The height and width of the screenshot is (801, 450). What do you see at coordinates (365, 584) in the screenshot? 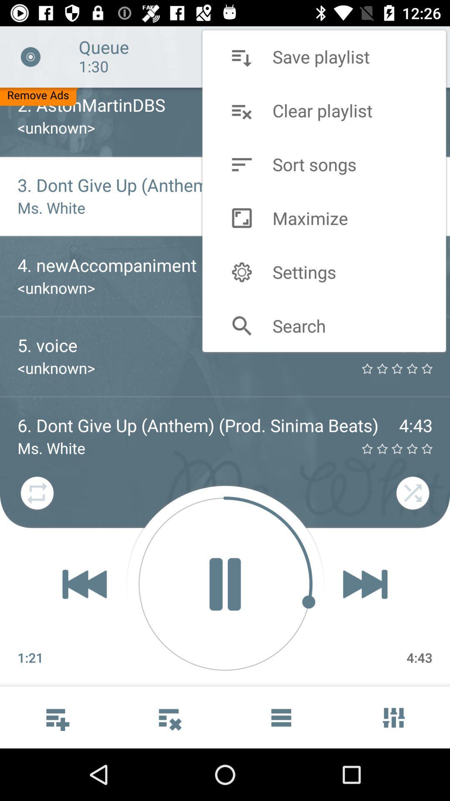
I see `the skip_next icon` at bounding box center [365, 584].